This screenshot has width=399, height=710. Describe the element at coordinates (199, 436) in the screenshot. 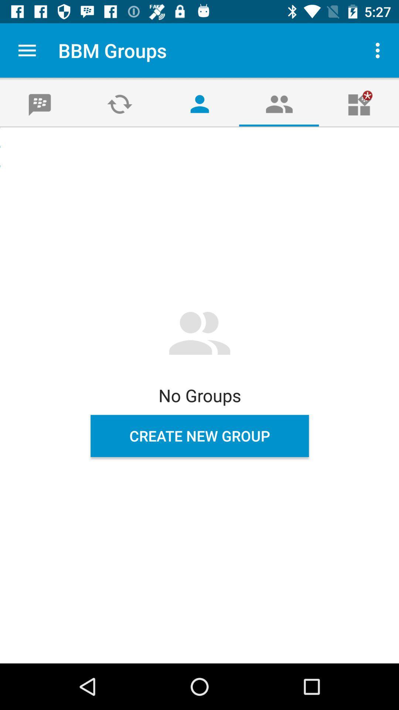

I see `the create new group item` at that location.